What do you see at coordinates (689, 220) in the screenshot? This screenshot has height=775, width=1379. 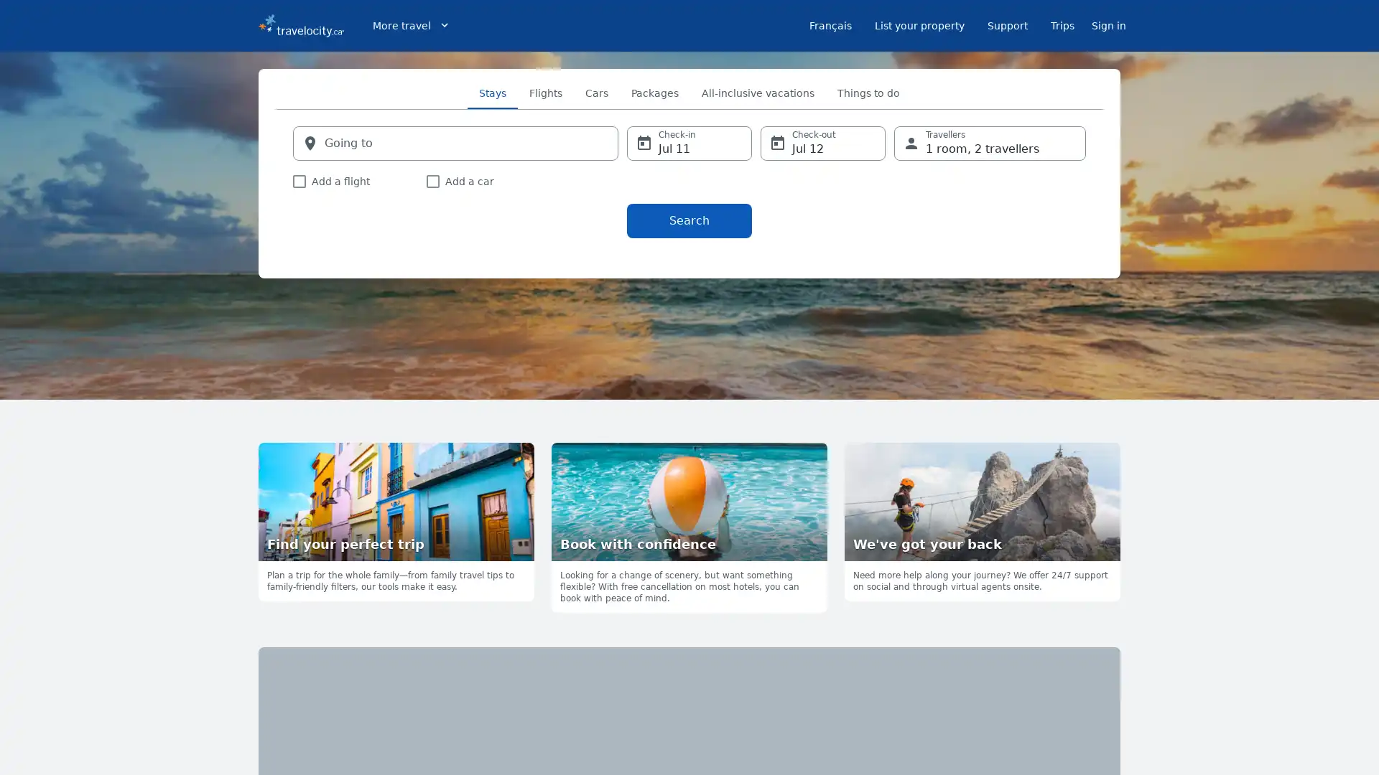 I see `Search` at bounding box center [689, 220].